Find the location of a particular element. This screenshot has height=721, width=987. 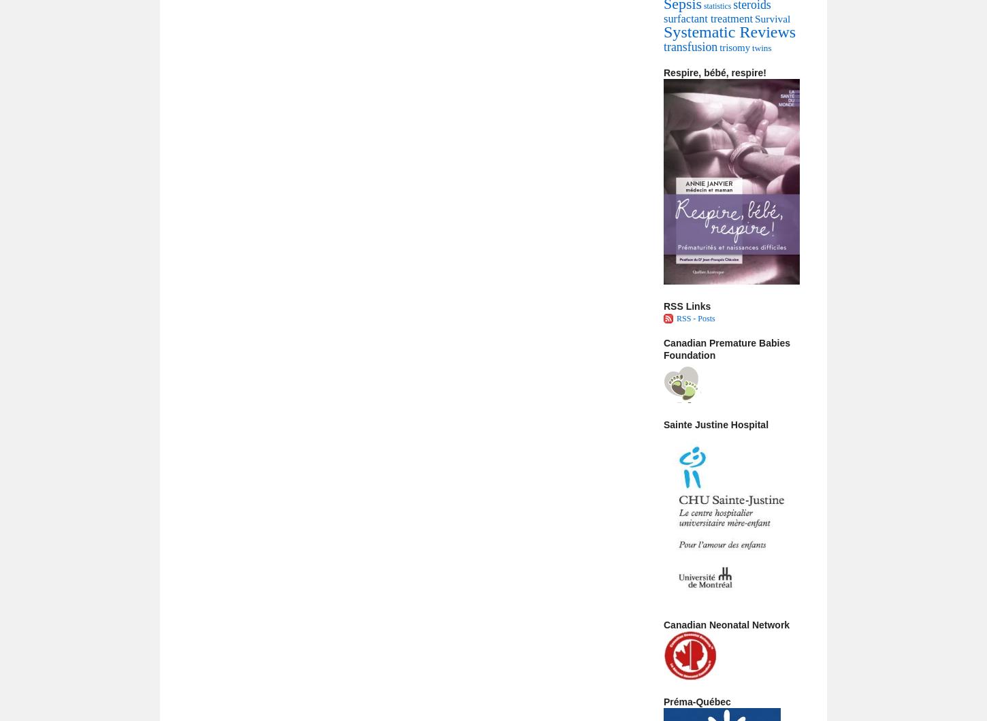

'Survival' is located at coordinates (771, 18).